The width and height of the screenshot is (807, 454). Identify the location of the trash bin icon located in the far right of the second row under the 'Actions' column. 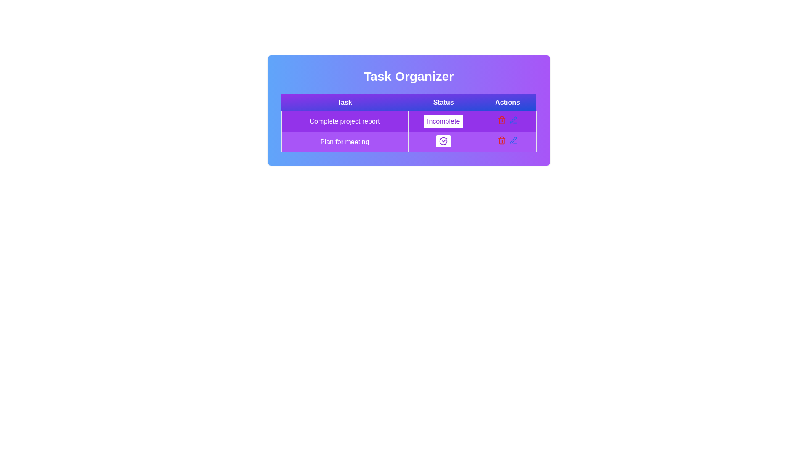
(501, 140).